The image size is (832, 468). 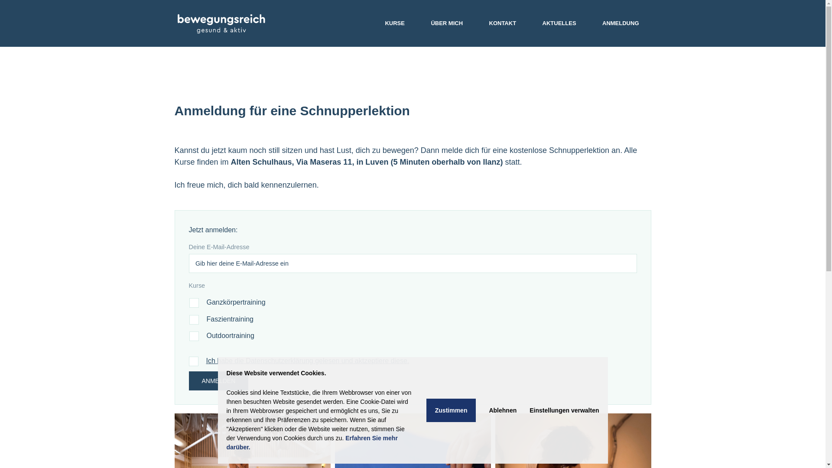 What do you see at coordinates (451, 410) in the screenshot?
I see `'Zustimmen'` at bounding box center [451, 410].